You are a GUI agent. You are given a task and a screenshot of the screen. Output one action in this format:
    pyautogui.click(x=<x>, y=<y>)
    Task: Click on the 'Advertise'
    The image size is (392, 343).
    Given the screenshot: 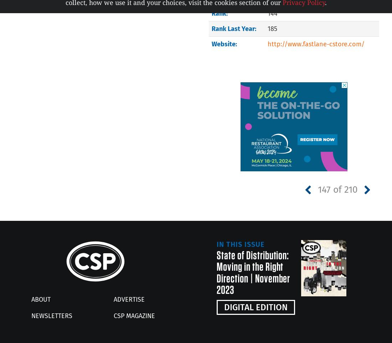 What is the action you would take?
    pyautogui.click(x=129, y=299)
    